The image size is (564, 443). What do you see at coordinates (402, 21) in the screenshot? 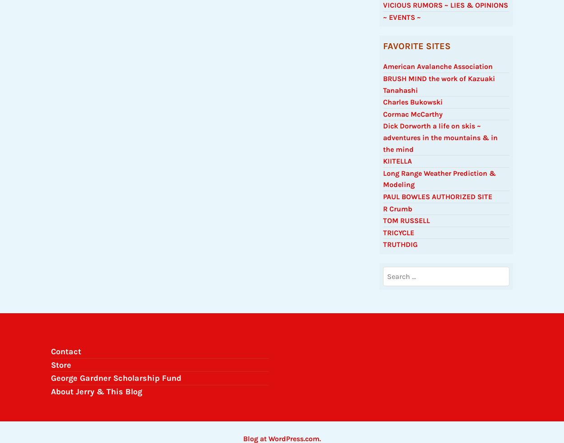
I see `'~ EVENTS ~'` at bounding box center [402, 21].